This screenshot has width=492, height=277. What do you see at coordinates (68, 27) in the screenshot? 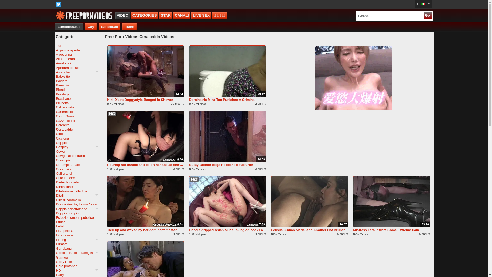
I see `'Eterosessuale'` at bounding box center [68, 27].